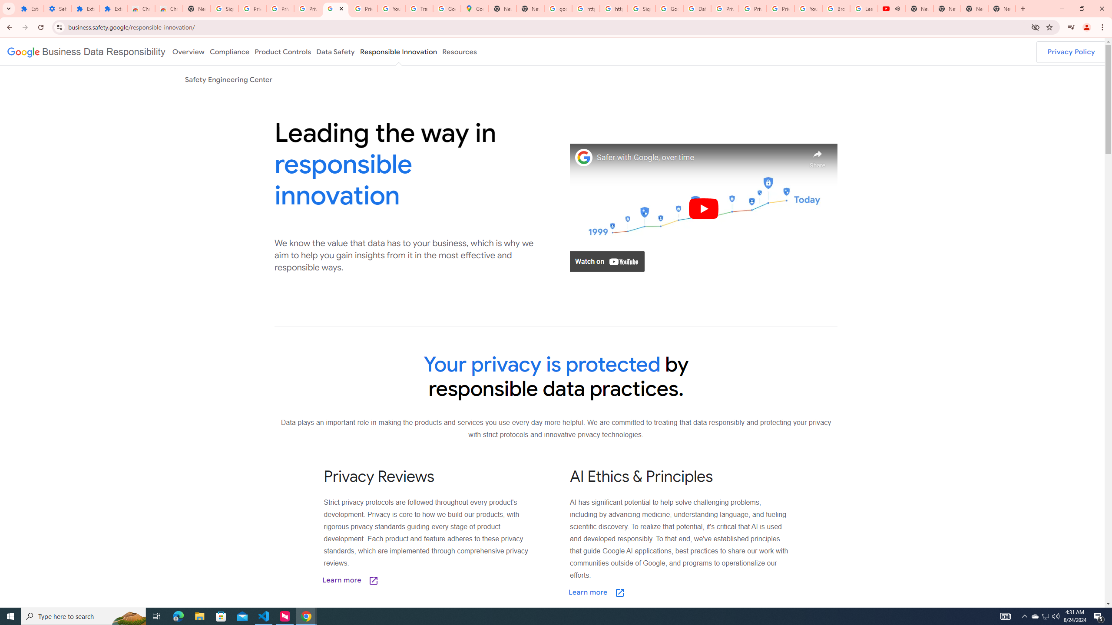  Describe the element at coordinates (334, 51) in the screenshot. I see `'Data Safety'` at that location.